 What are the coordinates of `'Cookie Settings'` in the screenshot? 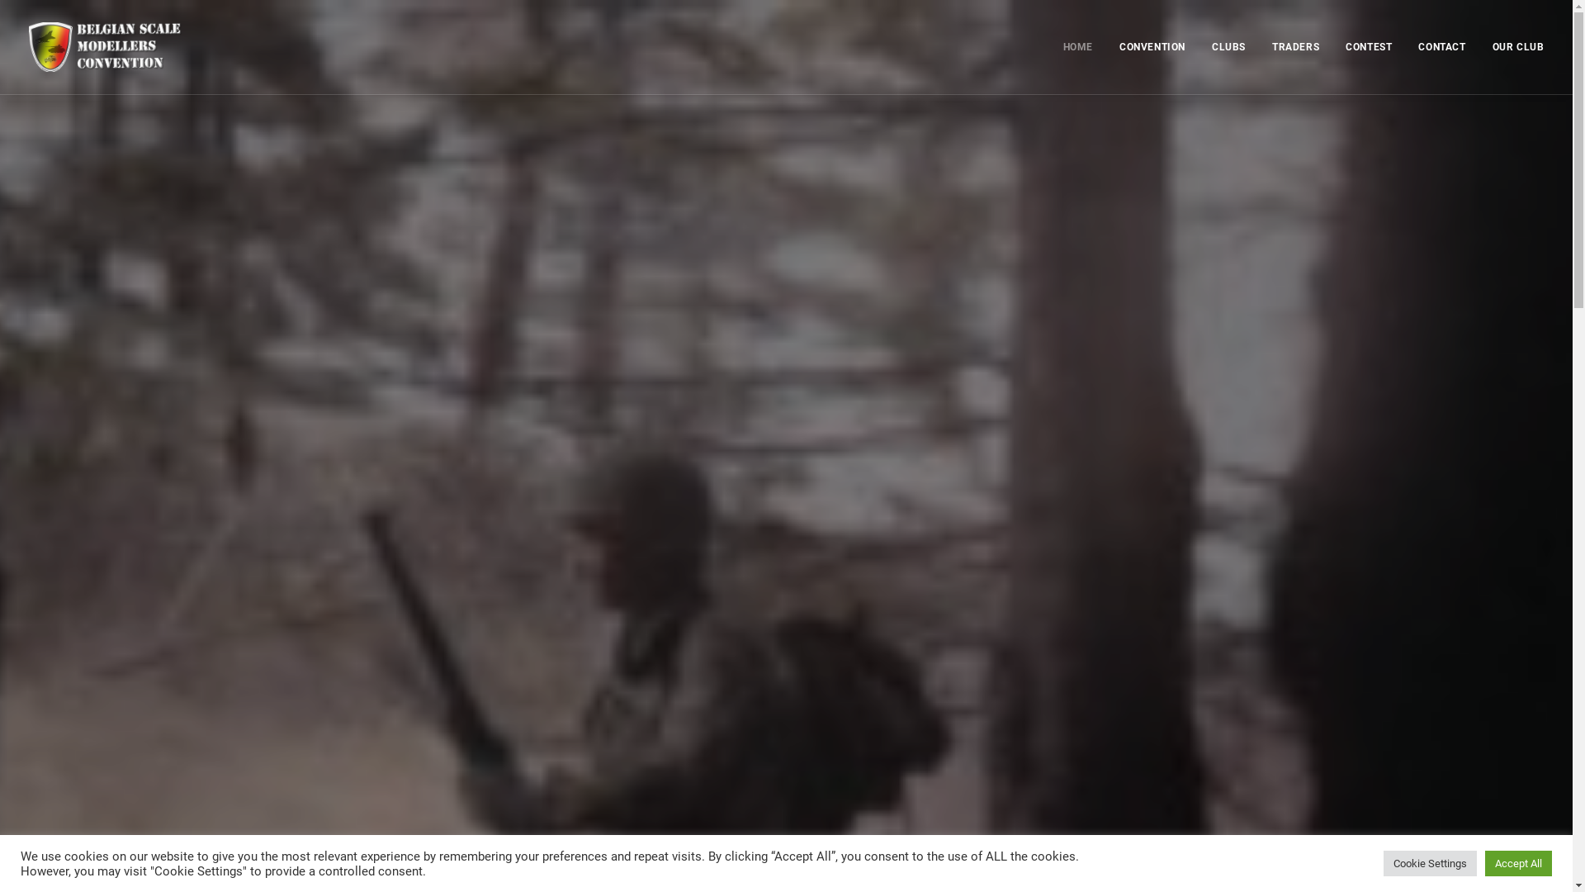 It's located at (1429, 862).